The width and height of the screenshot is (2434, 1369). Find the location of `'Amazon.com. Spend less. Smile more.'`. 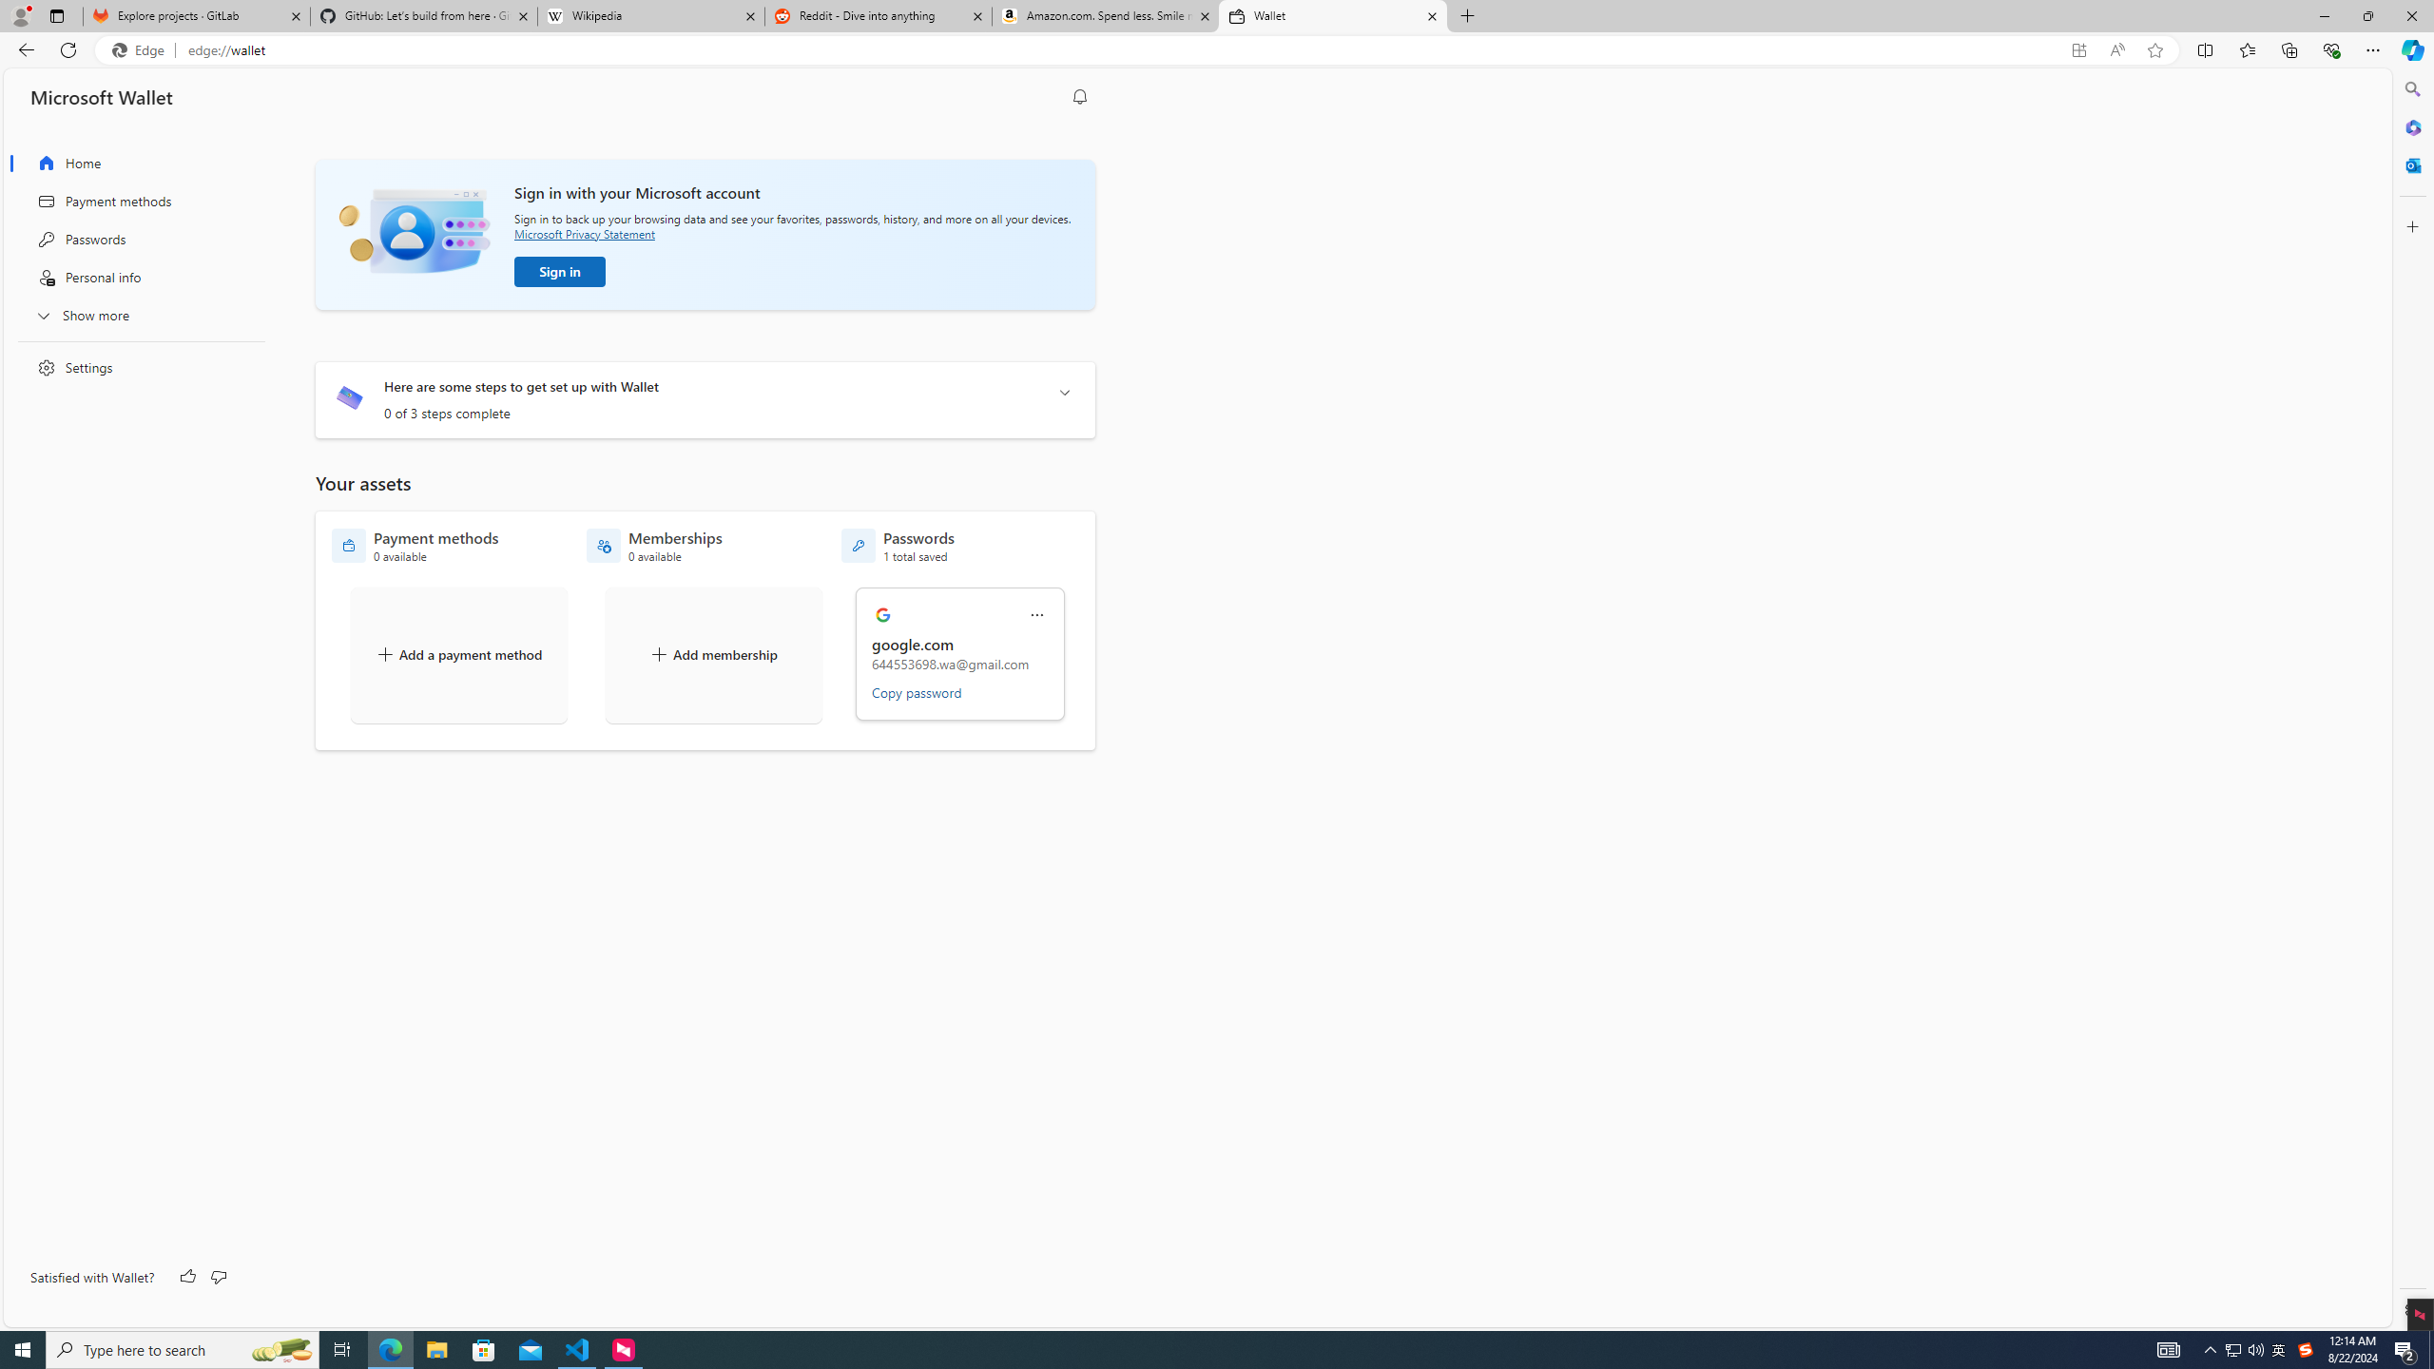

'Amazon.com. Spend less. Smile more.' is located at coordinates (1104, 15).